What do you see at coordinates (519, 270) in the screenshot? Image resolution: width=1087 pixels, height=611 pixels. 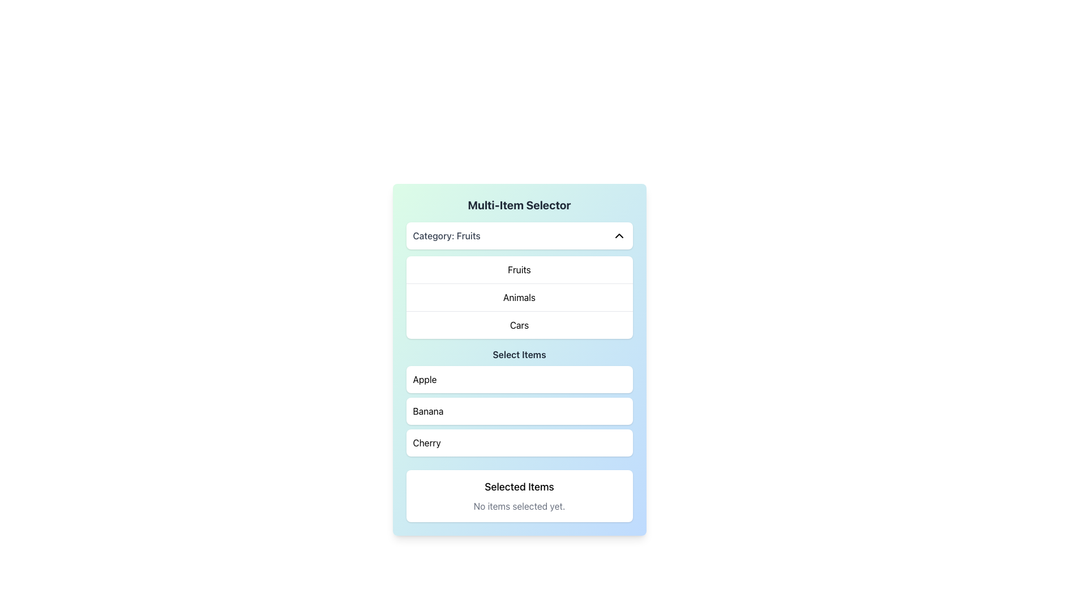 I see `the topmost category label button that represents 'Fruits'` at bounding box center [519, 270].